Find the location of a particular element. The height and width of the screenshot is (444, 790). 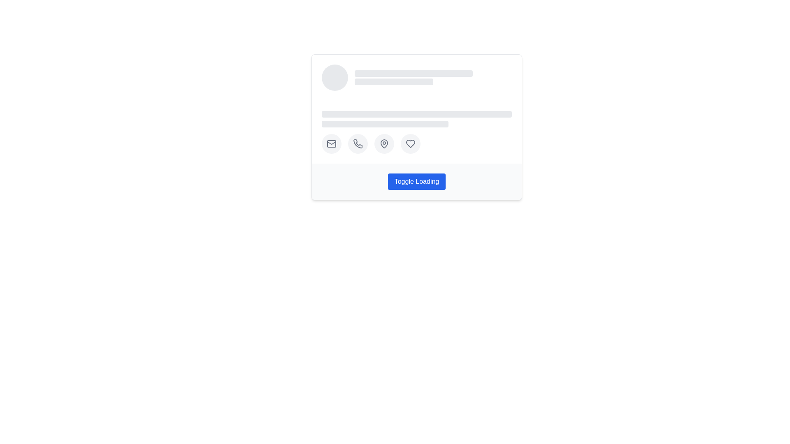

the gray envelope icon located prominently below the textual information is located at coordinates (332, 143).